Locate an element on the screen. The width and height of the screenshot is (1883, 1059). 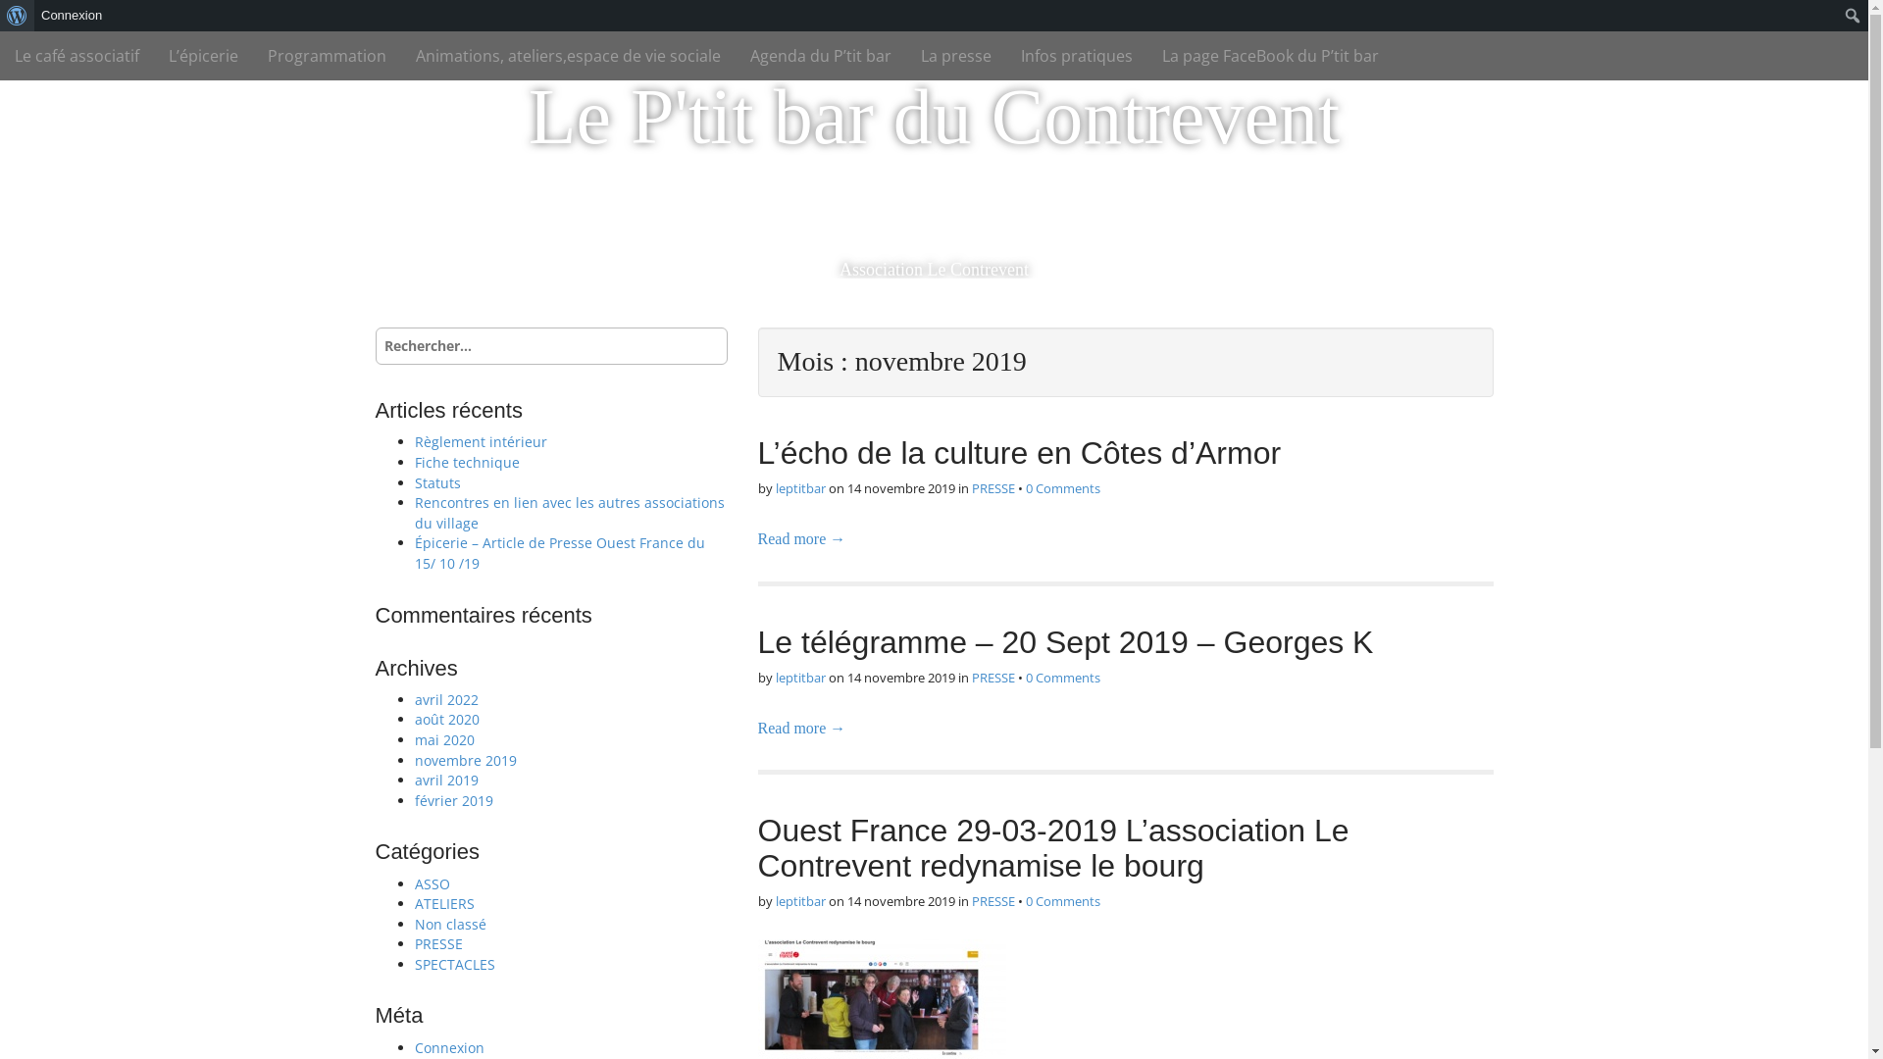
'0 Comments' is located at coordinates (1025, 676).